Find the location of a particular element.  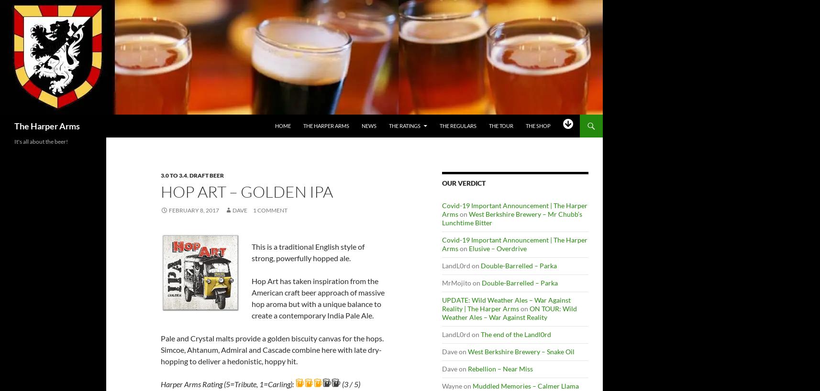

'This is a traditional English style of strong, powerfully hopped ale.' is located at coordinates (307, 252).